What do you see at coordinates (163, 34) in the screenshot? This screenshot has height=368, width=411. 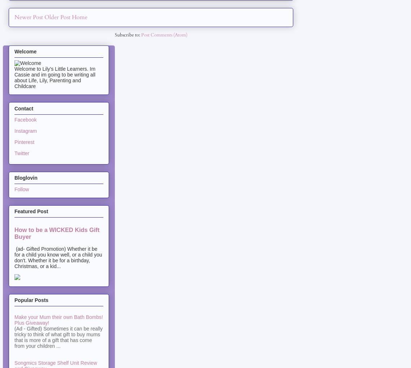 I see `'Post Comments (Atom)'` at bounding box center [163, 34].